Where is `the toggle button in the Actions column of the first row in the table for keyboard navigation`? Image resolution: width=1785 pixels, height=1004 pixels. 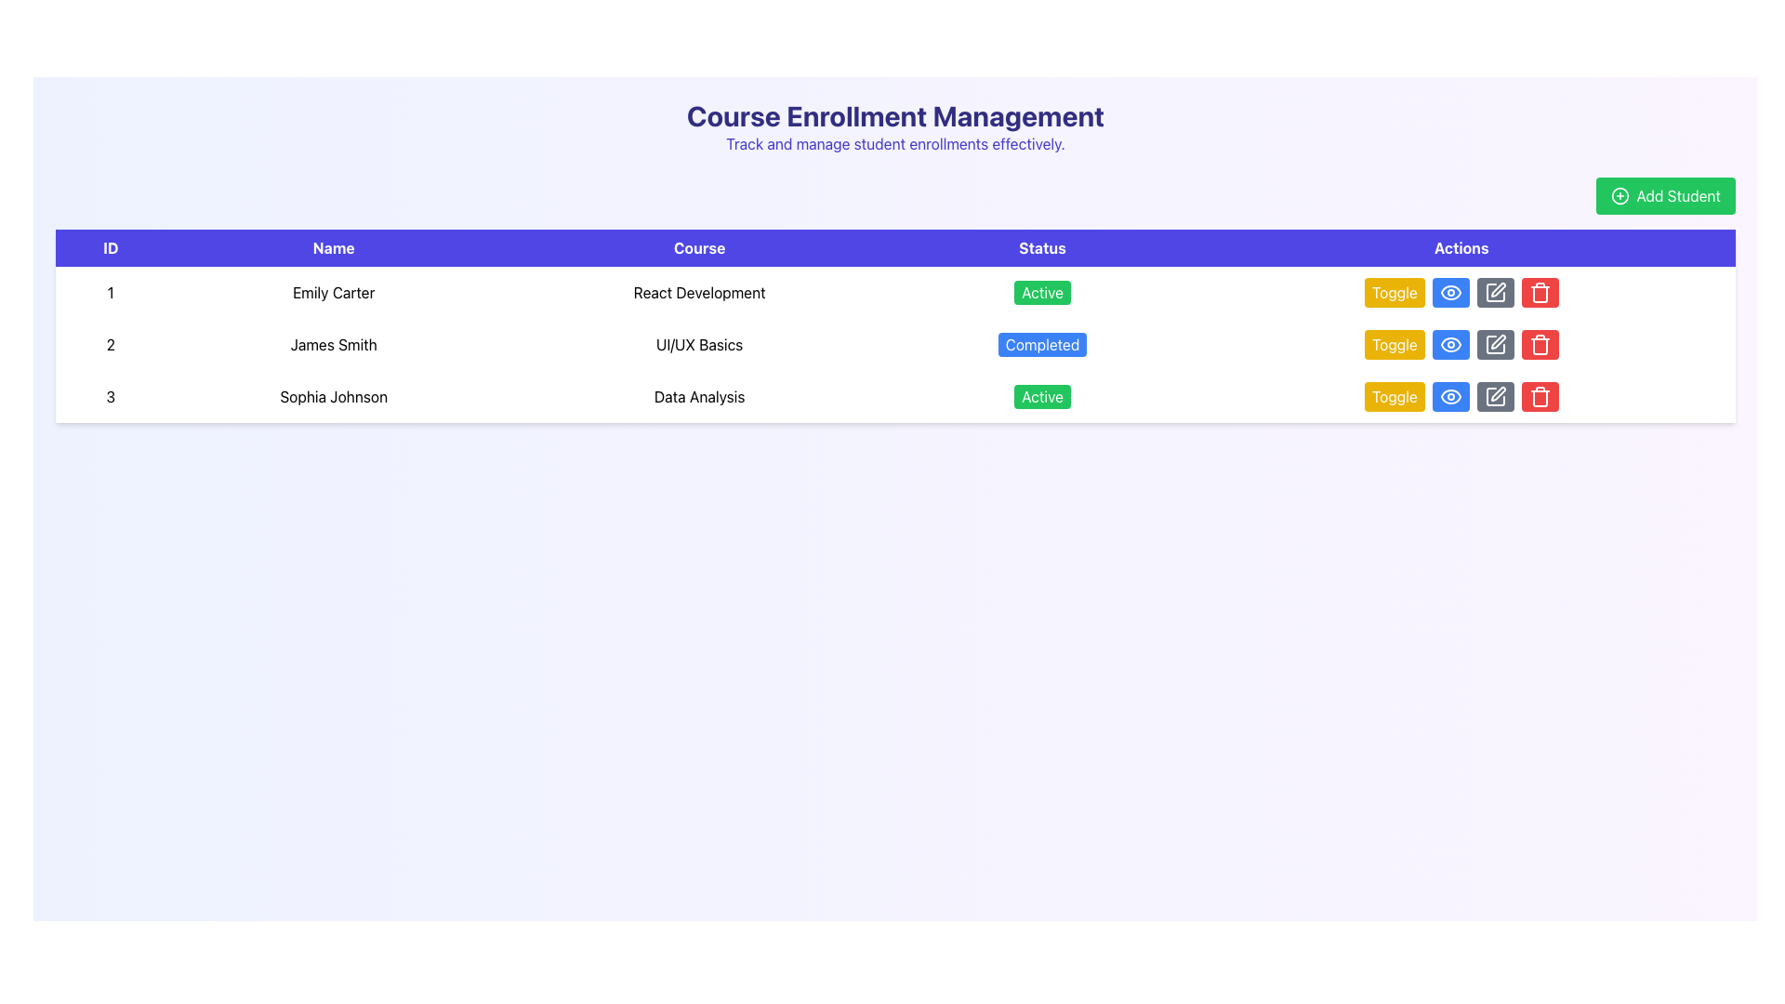
the toggle button in the Actions column of the first row in the table for keyboard navigation is located at coordinates (1395, 293).